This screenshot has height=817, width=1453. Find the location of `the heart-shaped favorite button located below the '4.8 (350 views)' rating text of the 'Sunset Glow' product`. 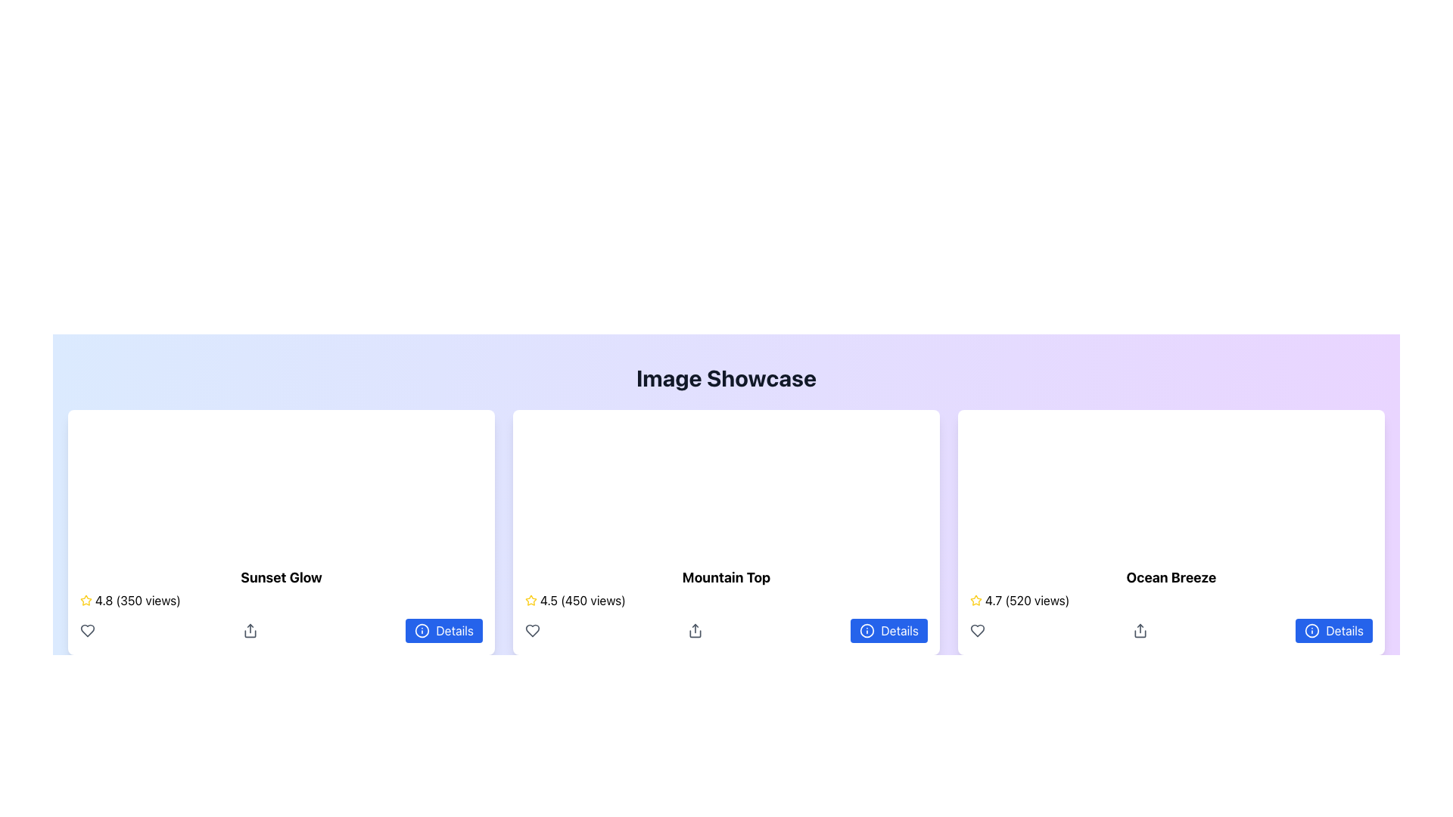

the heart-shaped favorite button located below the '4.8 (350 views)' rating text of the 'Sunset Glow' product is located at coordinates (86, 630).